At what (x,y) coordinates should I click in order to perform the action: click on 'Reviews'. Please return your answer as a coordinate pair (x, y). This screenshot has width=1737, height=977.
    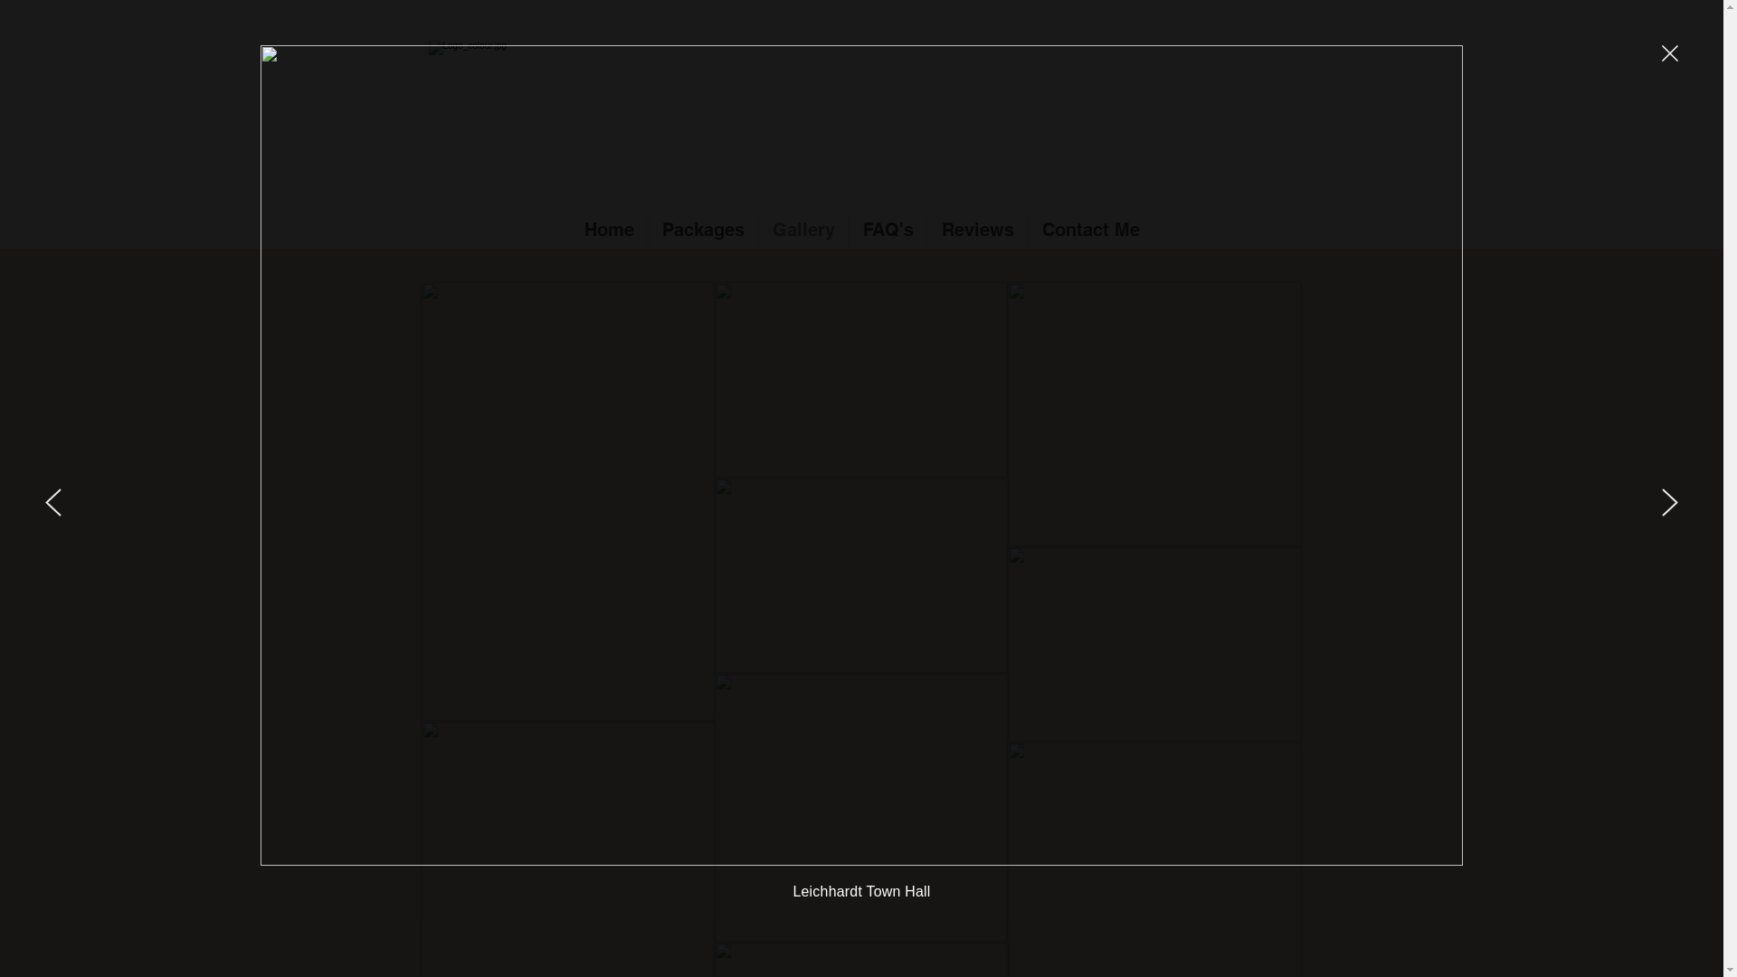
    Looking at the image, I should click on (976, 229).